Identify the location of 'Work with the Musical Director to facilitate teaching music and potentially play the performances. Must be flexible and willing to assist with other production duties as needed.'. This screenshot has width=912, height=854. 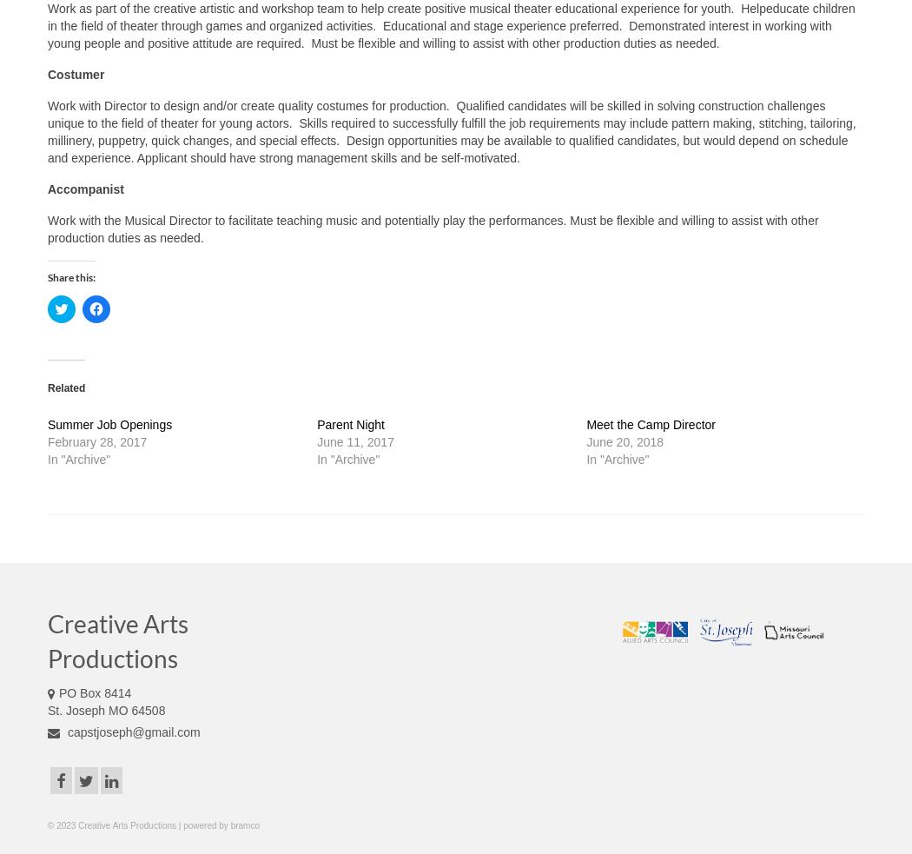
(47, 229).